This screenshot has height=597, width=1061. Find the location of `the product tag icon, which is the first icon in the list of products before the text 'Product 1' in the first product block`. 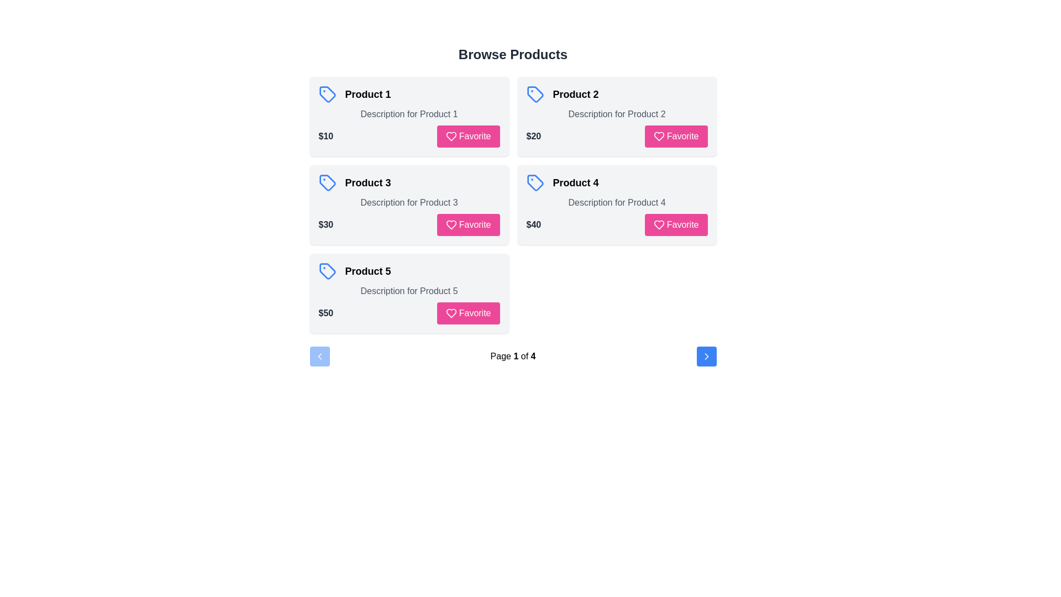

the product tag icon, which is the first icon in the list of products before the text 'Product 1' in the first product block is located at coordinates (327, 93).